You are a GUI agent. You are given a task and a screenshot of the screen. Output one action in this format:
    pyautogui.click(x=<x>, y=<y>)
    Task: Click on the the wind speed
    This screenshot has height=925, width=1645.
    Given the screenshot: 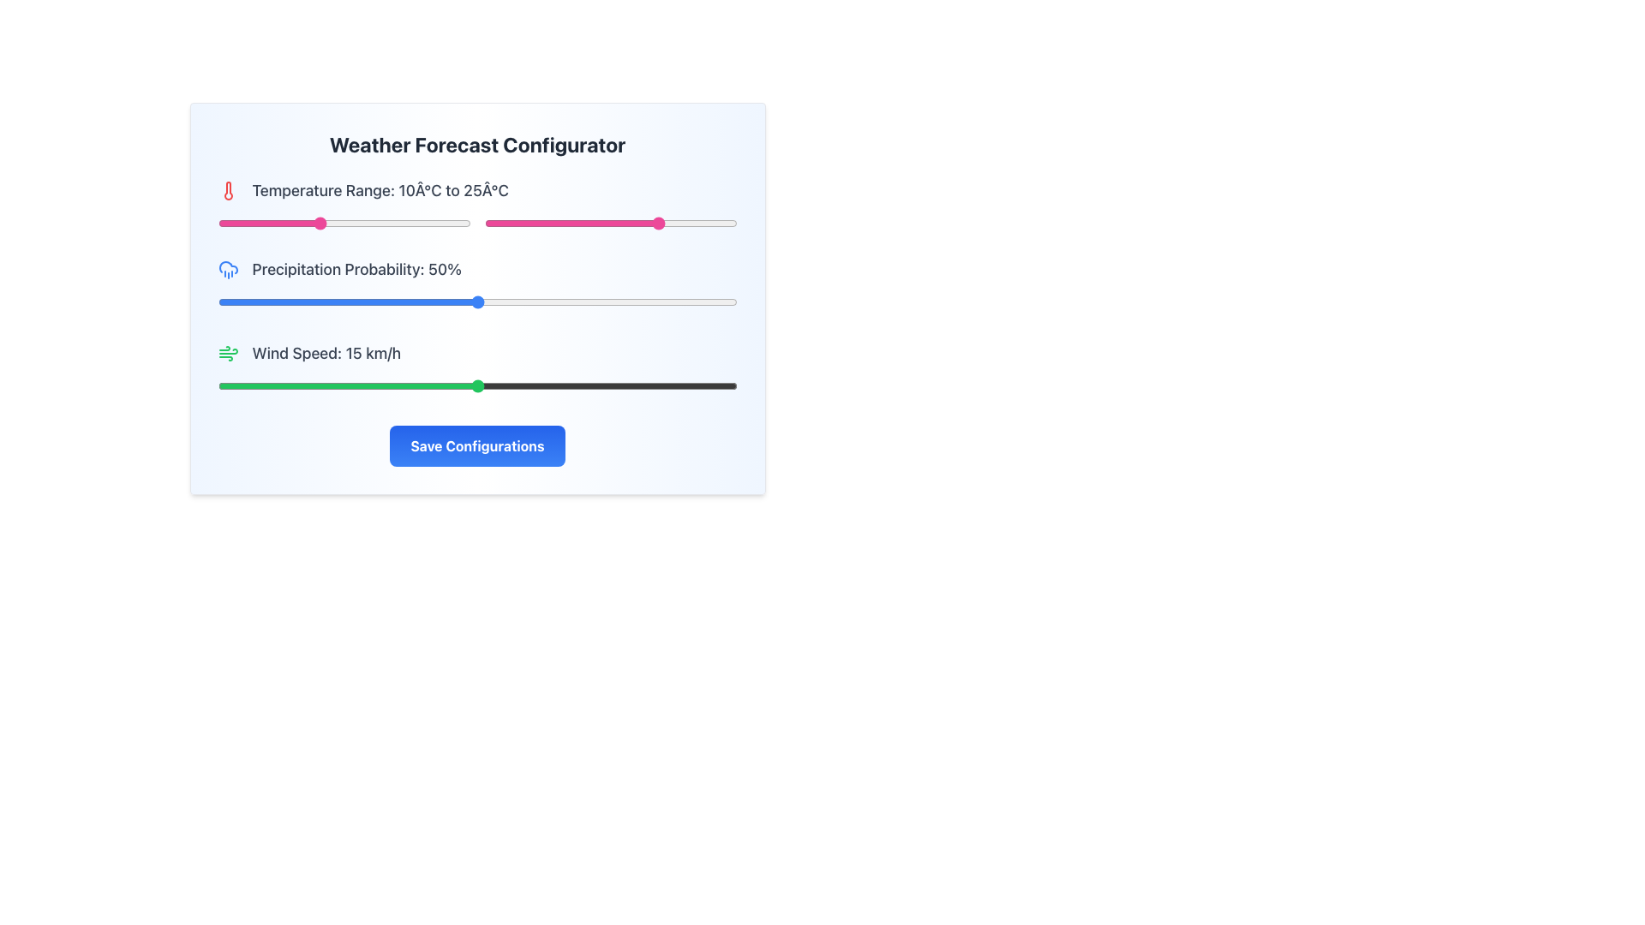 What is the action you would take?
    pyautogui.click(x=269, y=386)
    